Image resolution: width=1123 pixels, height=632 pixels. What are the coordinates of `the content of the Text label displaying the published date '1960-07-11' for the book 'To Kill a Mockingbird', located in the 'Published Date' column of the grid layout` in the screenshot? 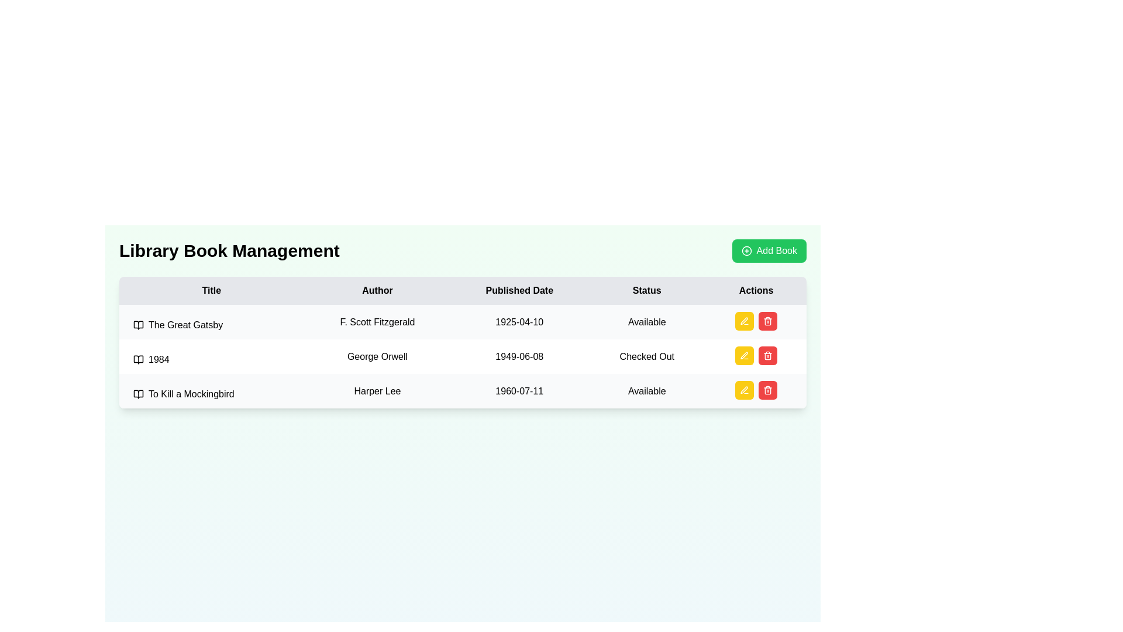 It's located at (519, 391).